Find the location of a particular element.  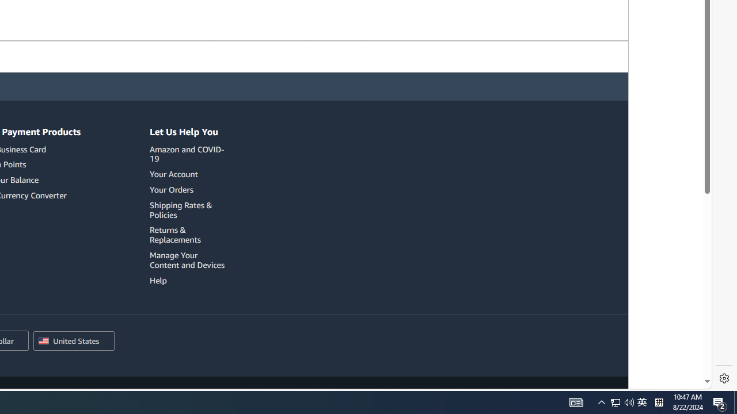

'Manage Your Content and Devices' is located at coordinates (189, 260).